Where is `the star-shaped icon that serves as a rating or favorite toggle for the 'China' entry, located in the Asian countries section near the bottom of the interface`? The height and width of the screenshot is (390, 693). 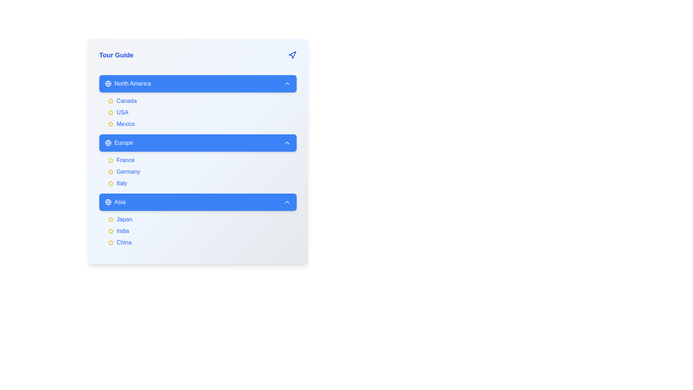
the star-shaped icon that serves as a rating or favorite toggle for the 'China' entry, located in the Asian countries section near the bottom of the interface is located at coordinates (110, 242).